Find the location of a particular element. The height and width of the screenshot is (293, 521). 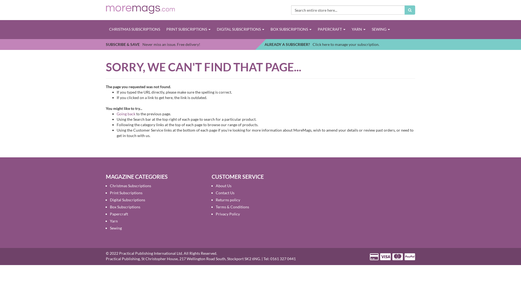

'YARN' is located at coordinates (348, 29).